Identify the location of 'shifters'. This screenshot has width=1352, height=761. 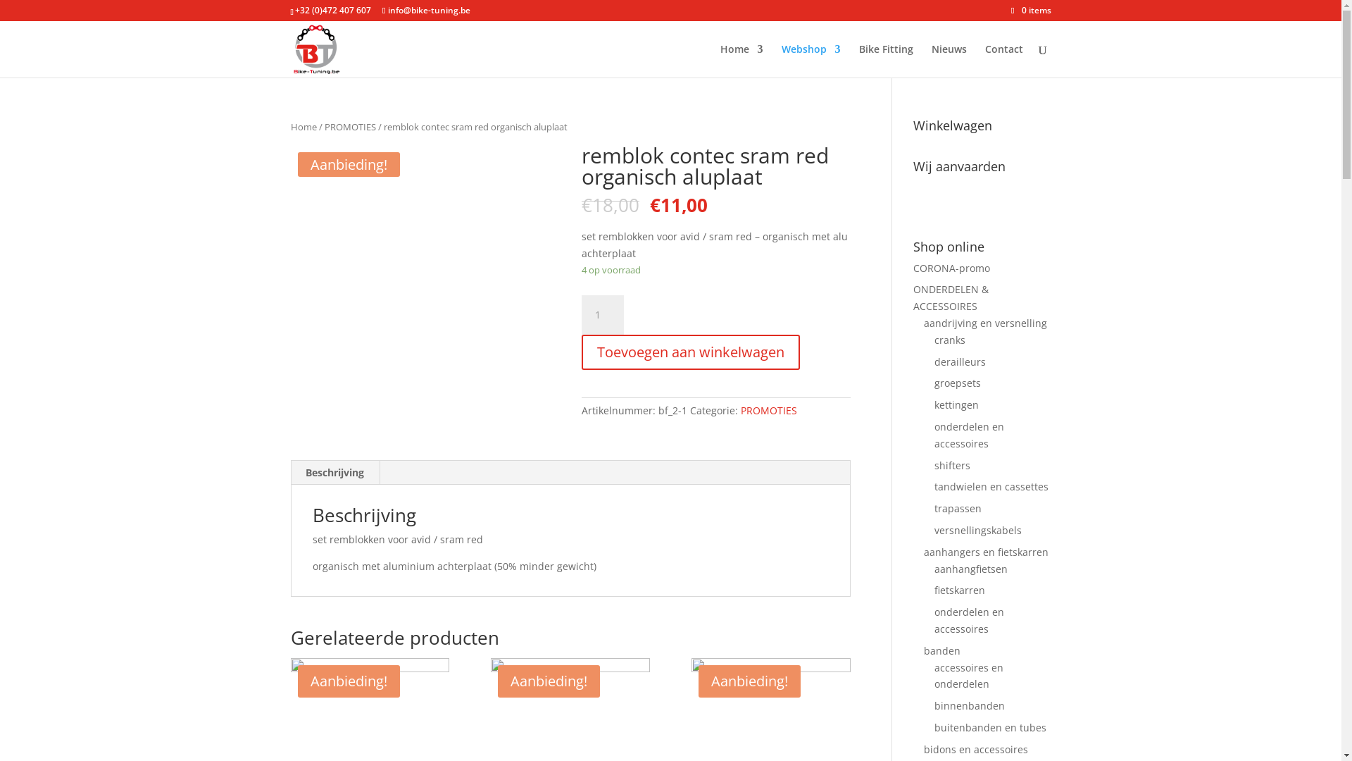
(952, 465).